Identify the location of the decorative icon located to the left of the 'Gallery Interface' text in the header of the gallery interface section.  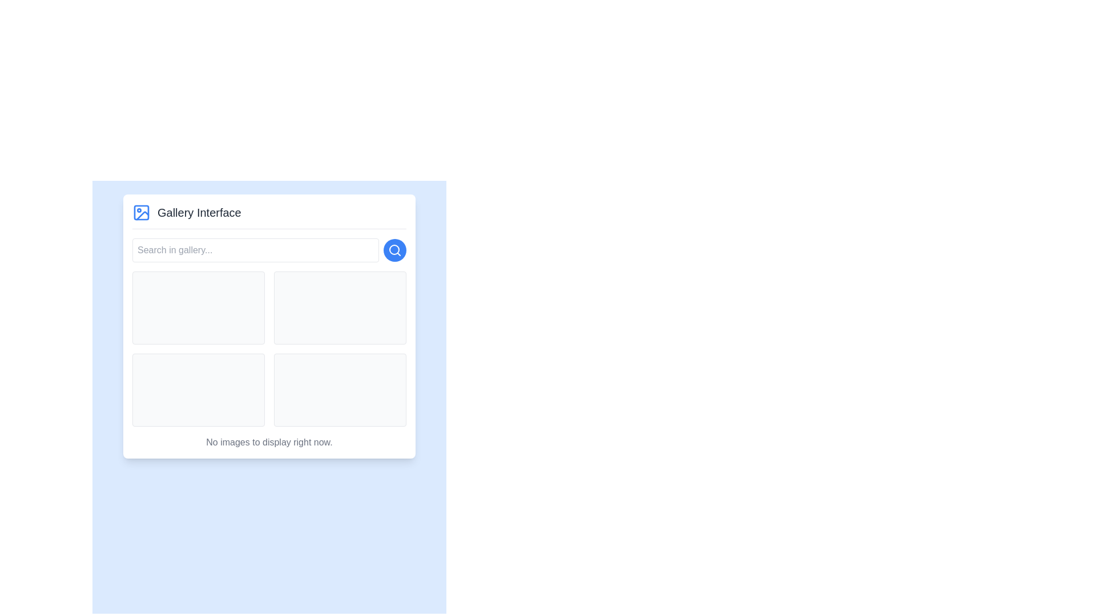
(141, 213).